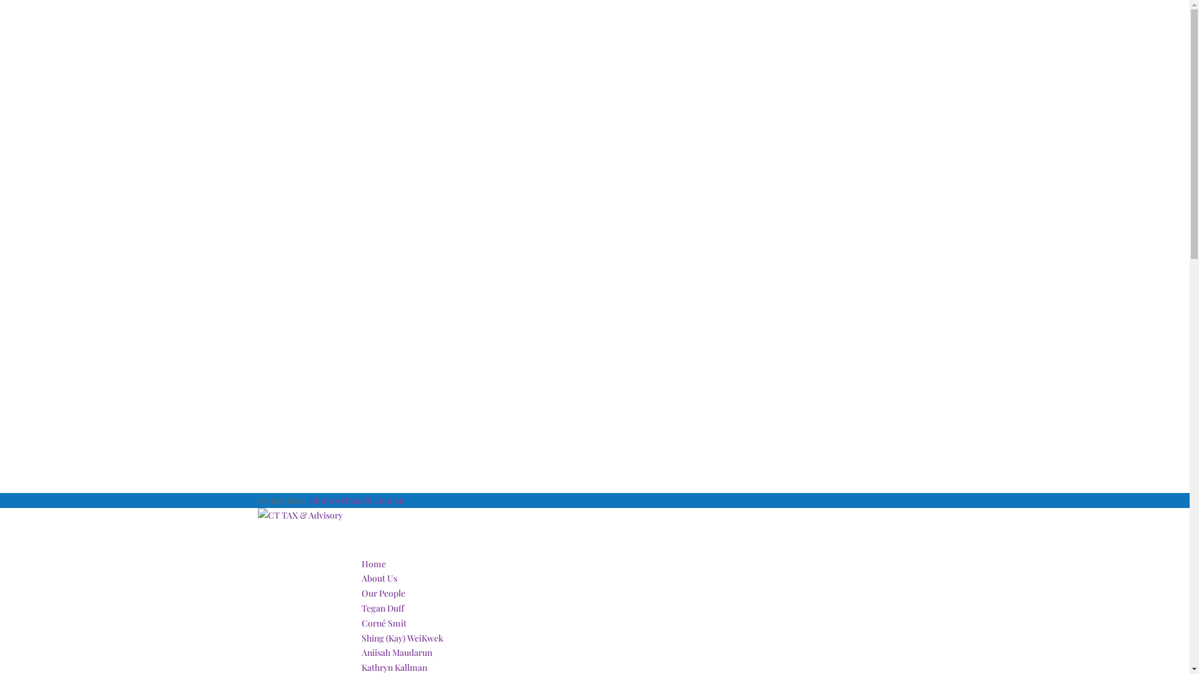  What do you see at coordinates (378, 594) in the screenshot?
I see `'About Us'` at bounding box center [378, 594].